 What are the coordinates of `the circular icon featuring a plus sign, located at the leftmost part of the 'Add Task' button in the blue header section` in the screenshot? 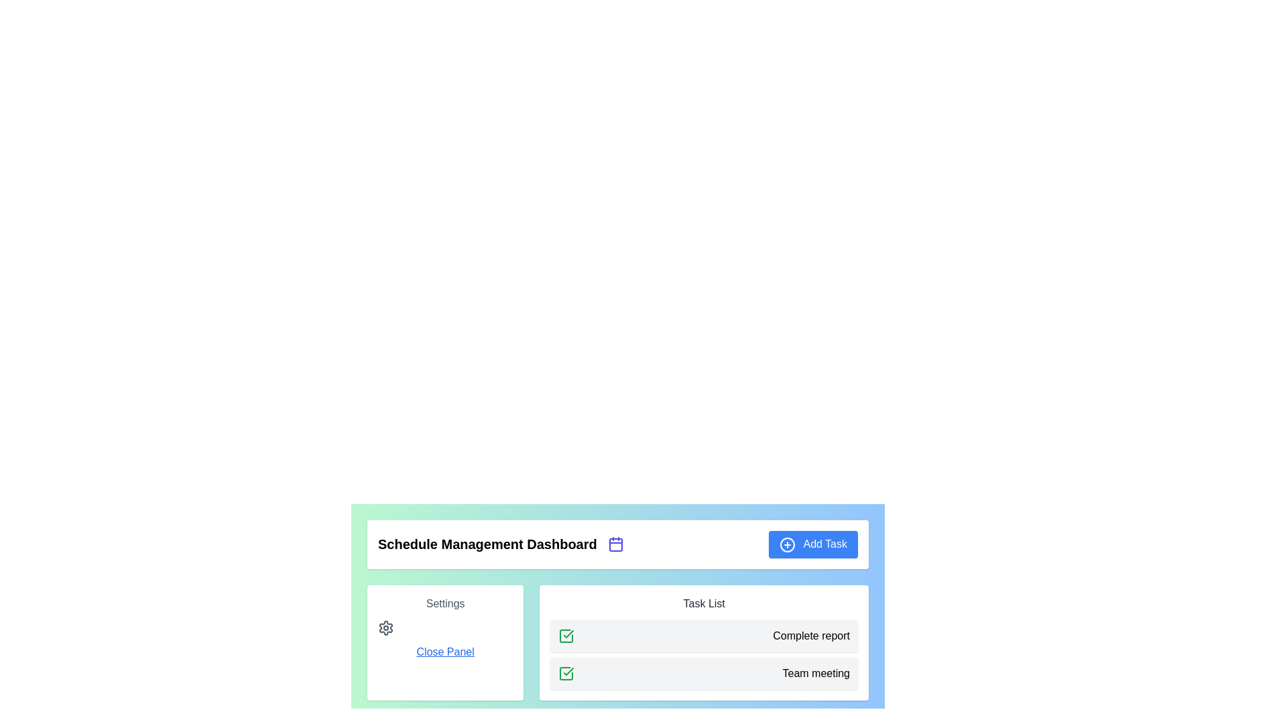 It's located at (787, 544).